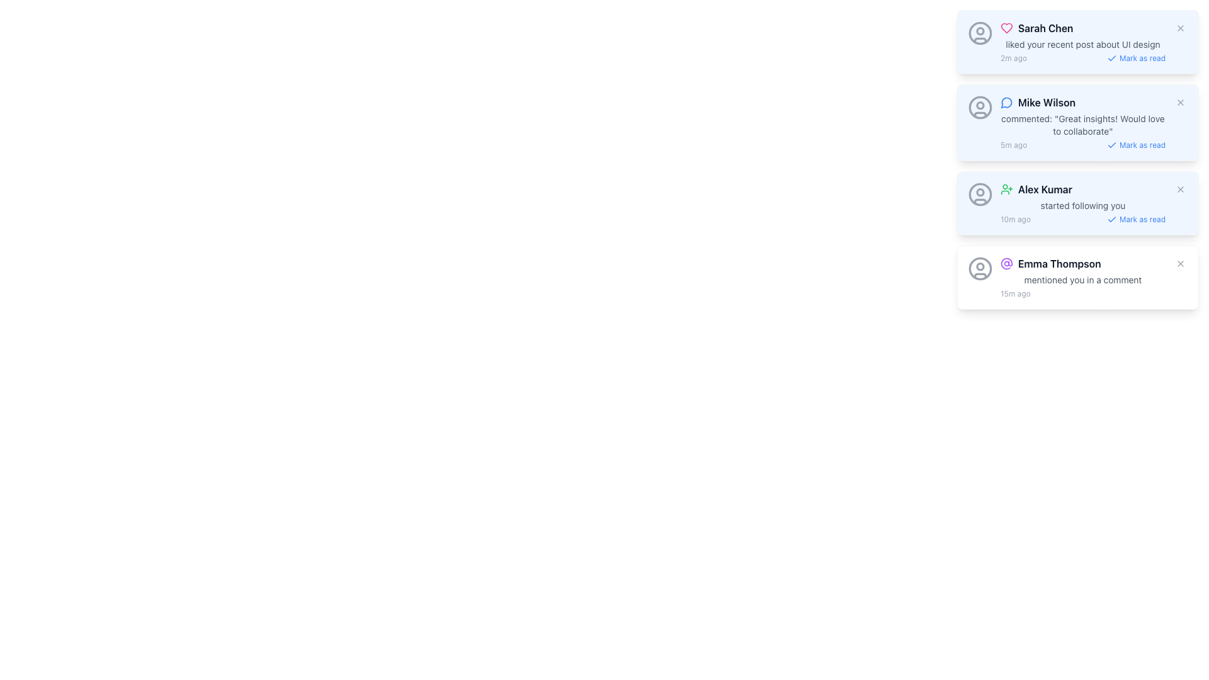 Image resolution: width=1209 pixels, height=680 pixels. Describe the element at coordinates (979, 194) in the screenshot. I see `the user avatar icon located at the top-left corner of the notification card that indicates 'Alex Kumar started following you, 10m ago'` at that location.